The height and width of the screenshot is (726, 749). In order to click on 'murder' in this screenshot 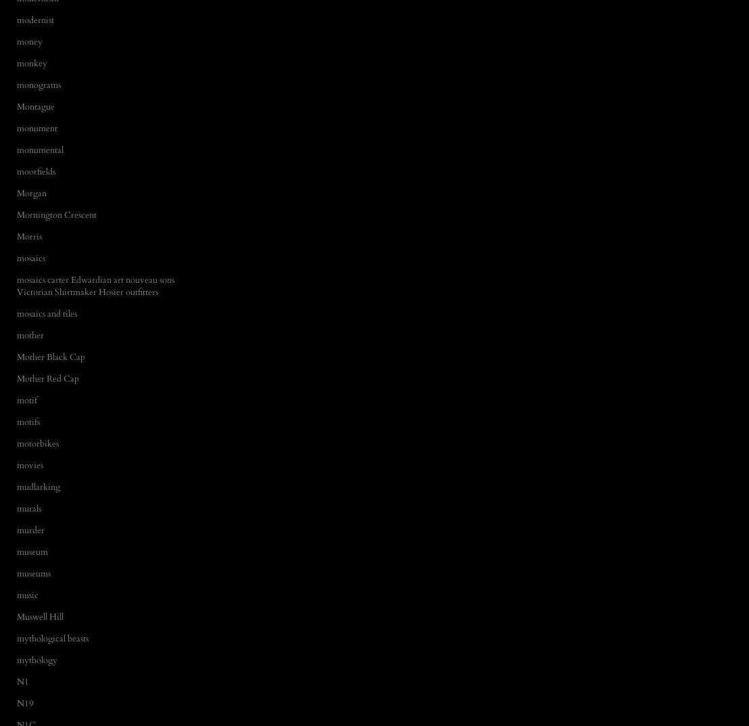, I will do `click(30, 529)`.